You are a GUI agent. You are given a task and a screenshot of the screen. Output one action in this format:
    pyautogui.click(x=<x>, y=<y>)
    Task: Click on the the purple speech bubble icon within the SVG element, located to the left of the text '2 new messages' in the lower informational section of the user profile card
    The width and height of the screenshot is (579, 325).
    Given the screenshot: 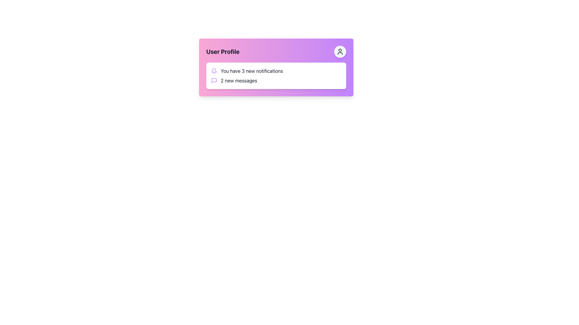 What is the action you would take?
    pyautogui.click(x=214, y=80)
    